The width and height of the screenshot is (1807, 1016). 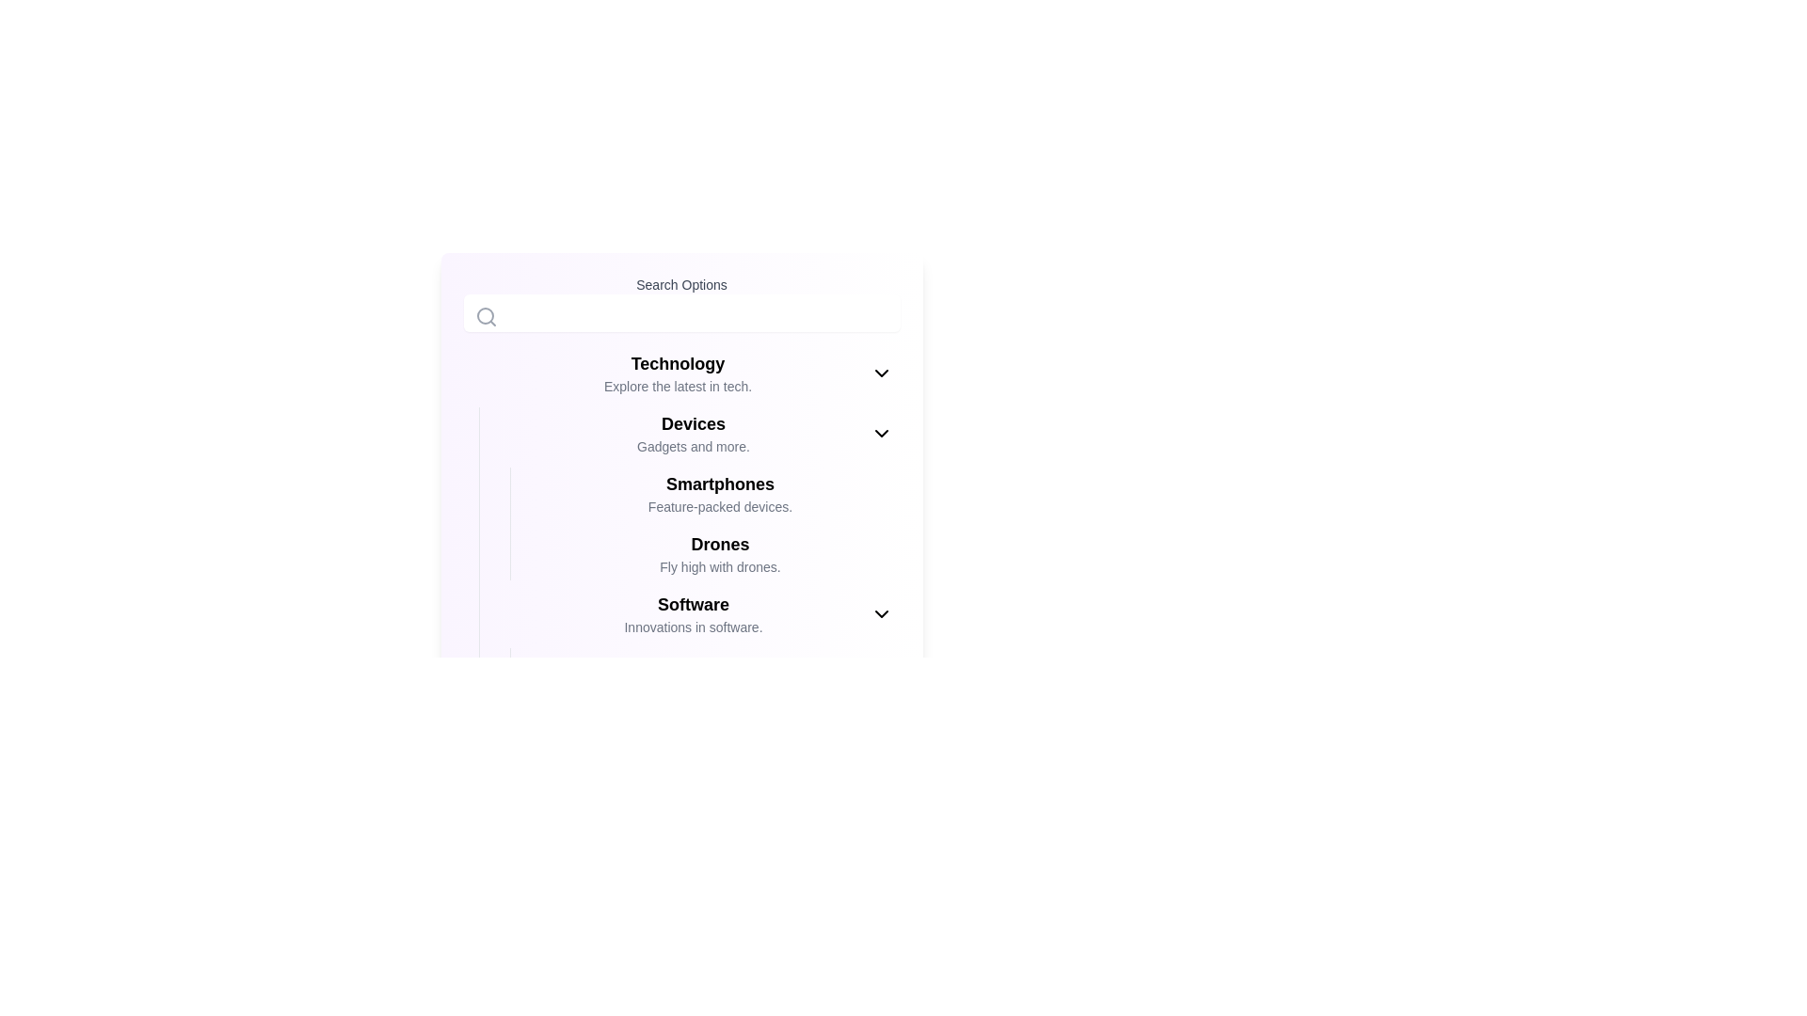 I want to click on the labeled navigation item for 'Smartphones' located below the 'Devices' section in the navigation panel, so click(x=719, y=492).